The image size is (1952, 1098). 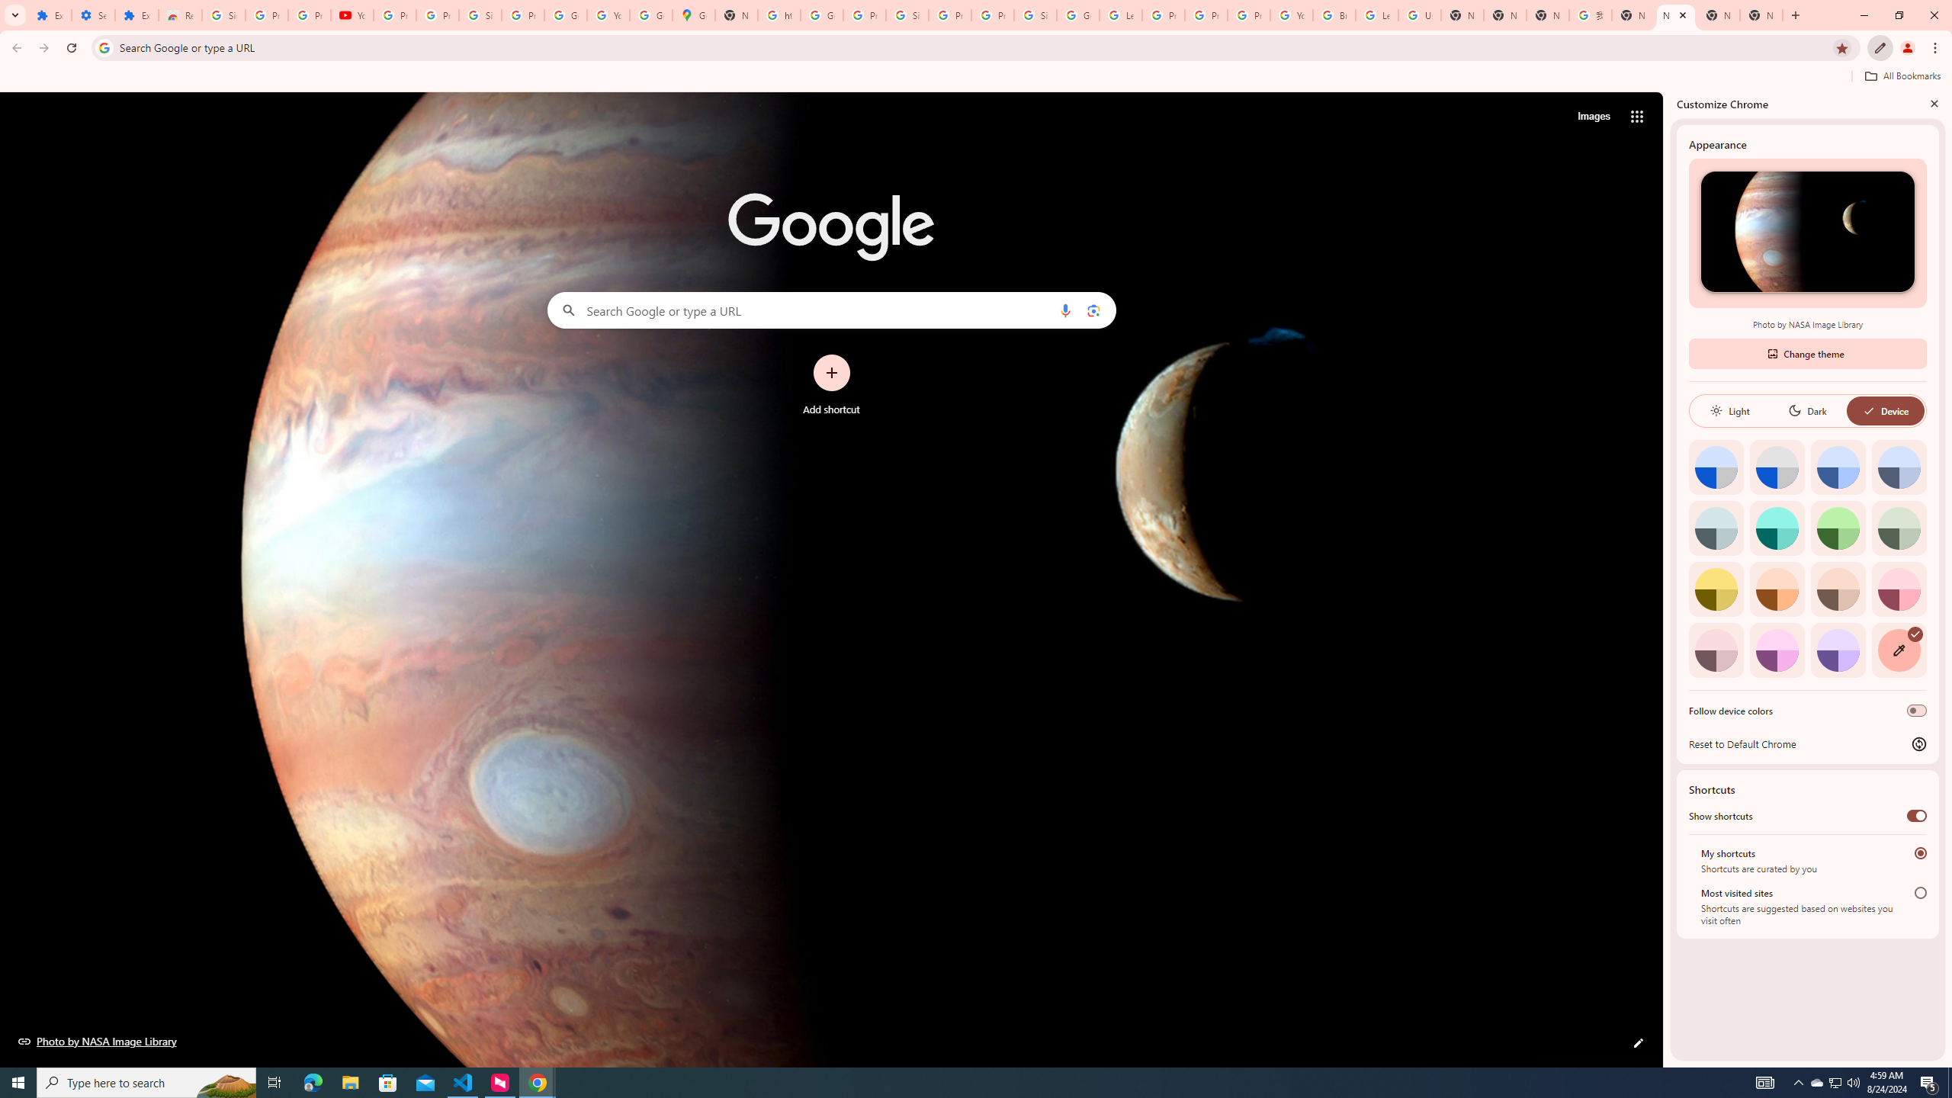 What do you see at coordinates (50, 14) in the screenshot?
I see `'Extensions'` at bounding box center [50, 14].